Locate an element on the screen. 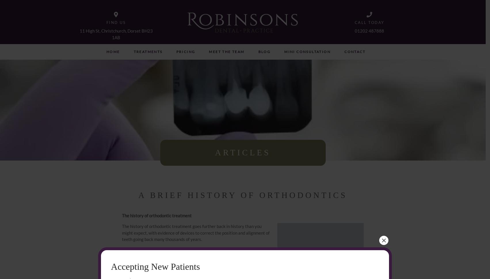 The image size is (490, 279). 'Blog' is located at coordinates (258, 52).